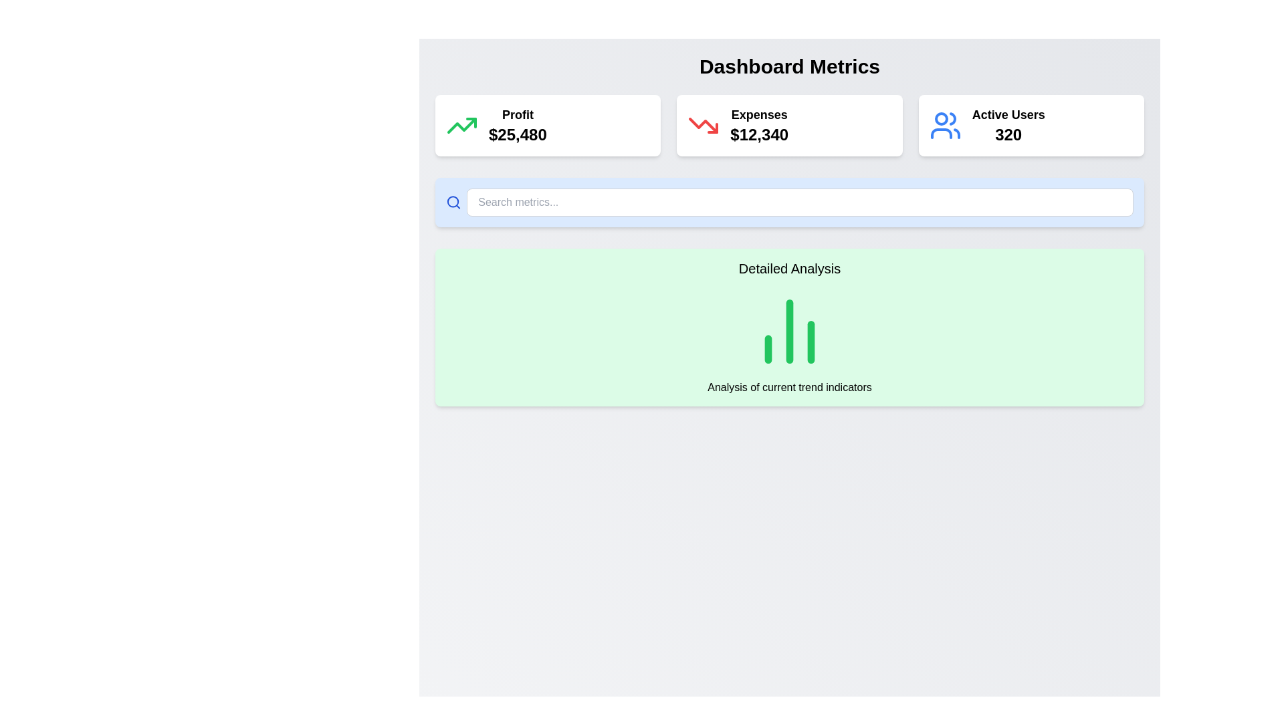 The image size is (1284, 722). I want to click on the profit icon located at the top left of the 'Profit' card in the dashboard metrics row, which indicates positive growth with its upward trend, so click(462, 126).